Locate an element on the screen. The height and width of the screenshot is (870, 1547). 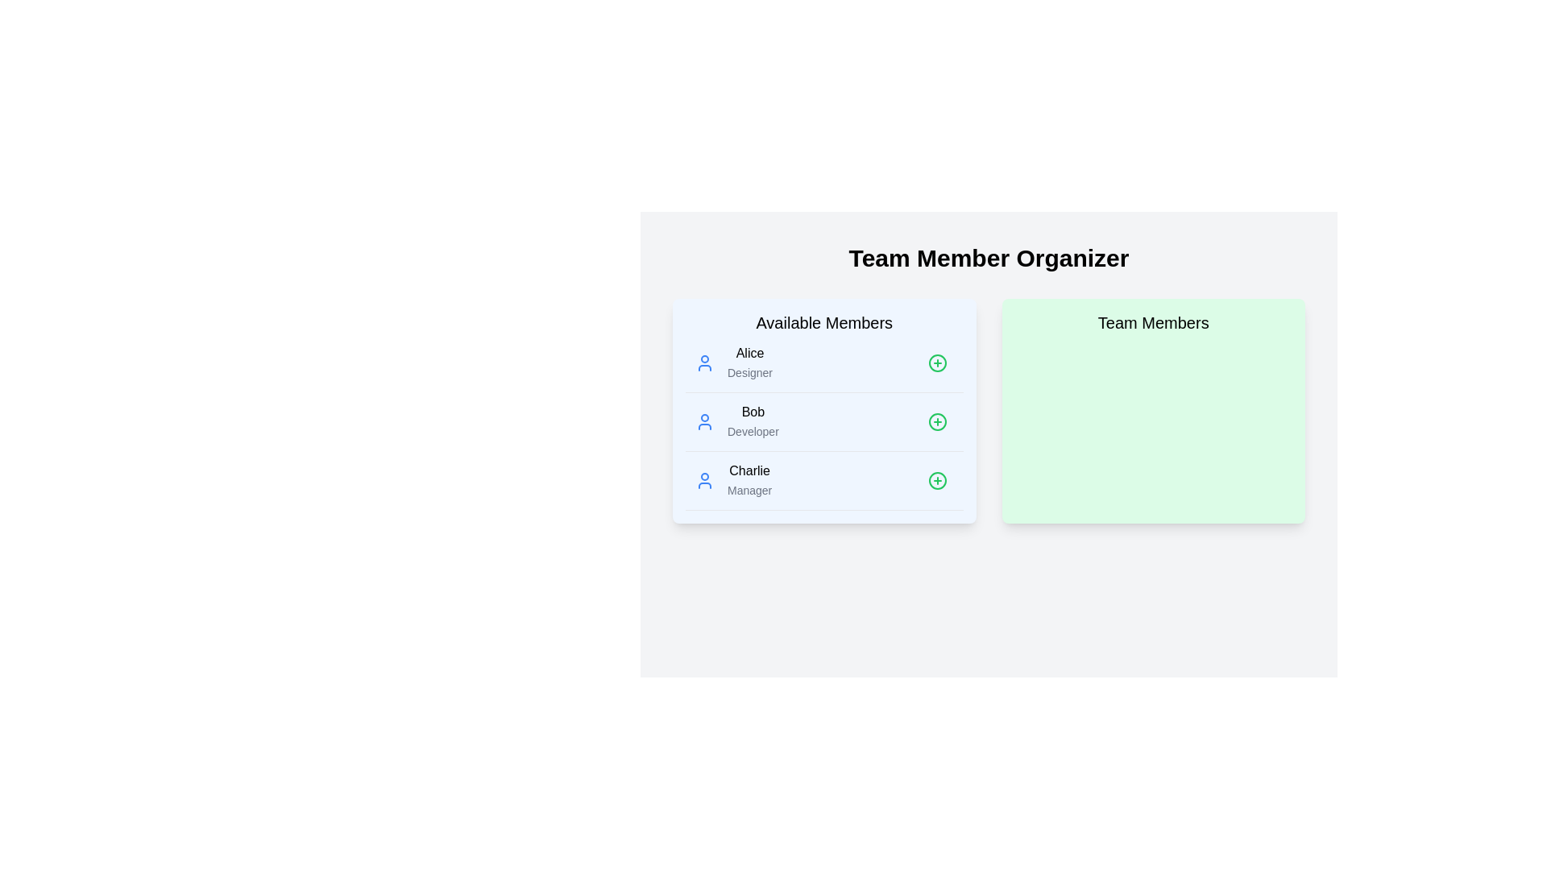
the Add Button located to the right of the 'Charlie' user card entry in the 'Available Members' section is located at coordinates (937, 480).